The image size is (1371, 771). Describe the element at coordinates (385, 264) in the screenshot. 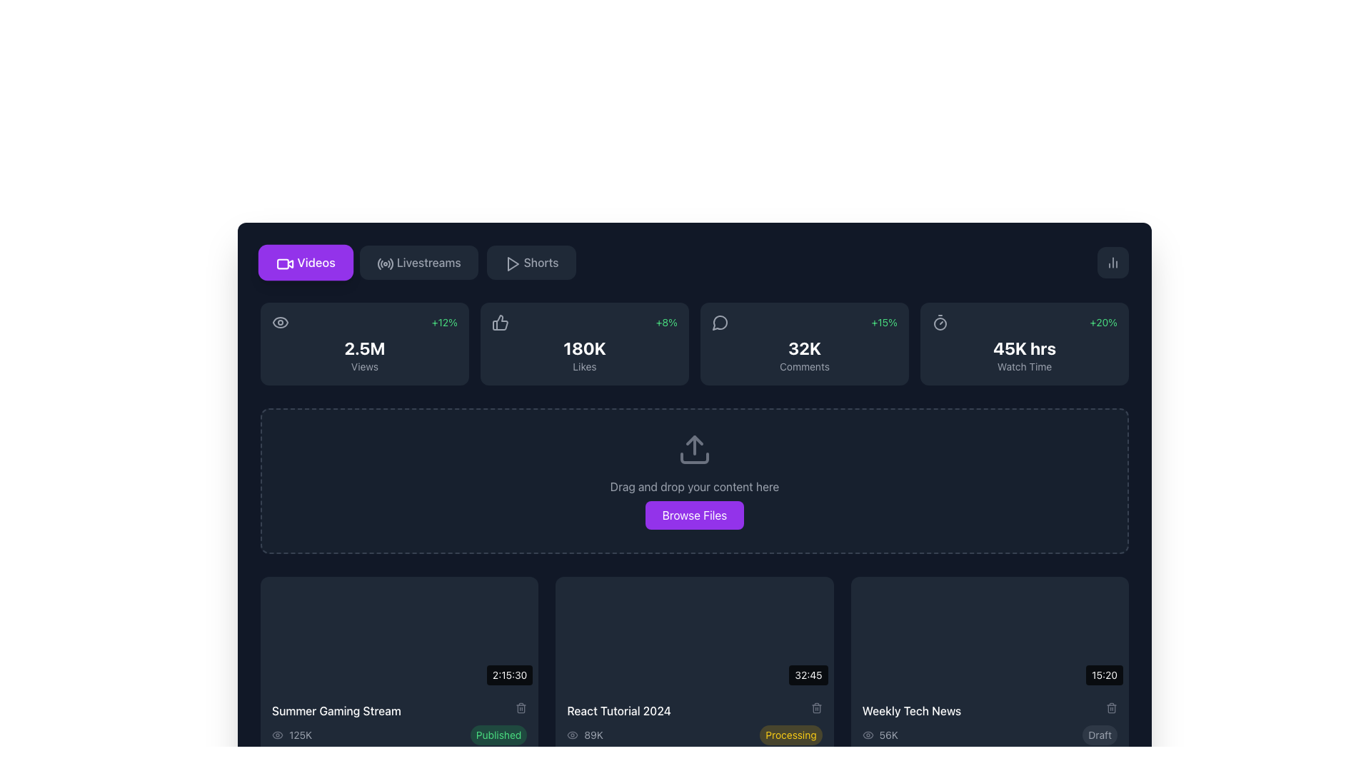

I see `the 'Livestream' icon located in the top navigation bar, next to the 'Videos' tab and adjacent to the 'Shorts' tab` at that location.